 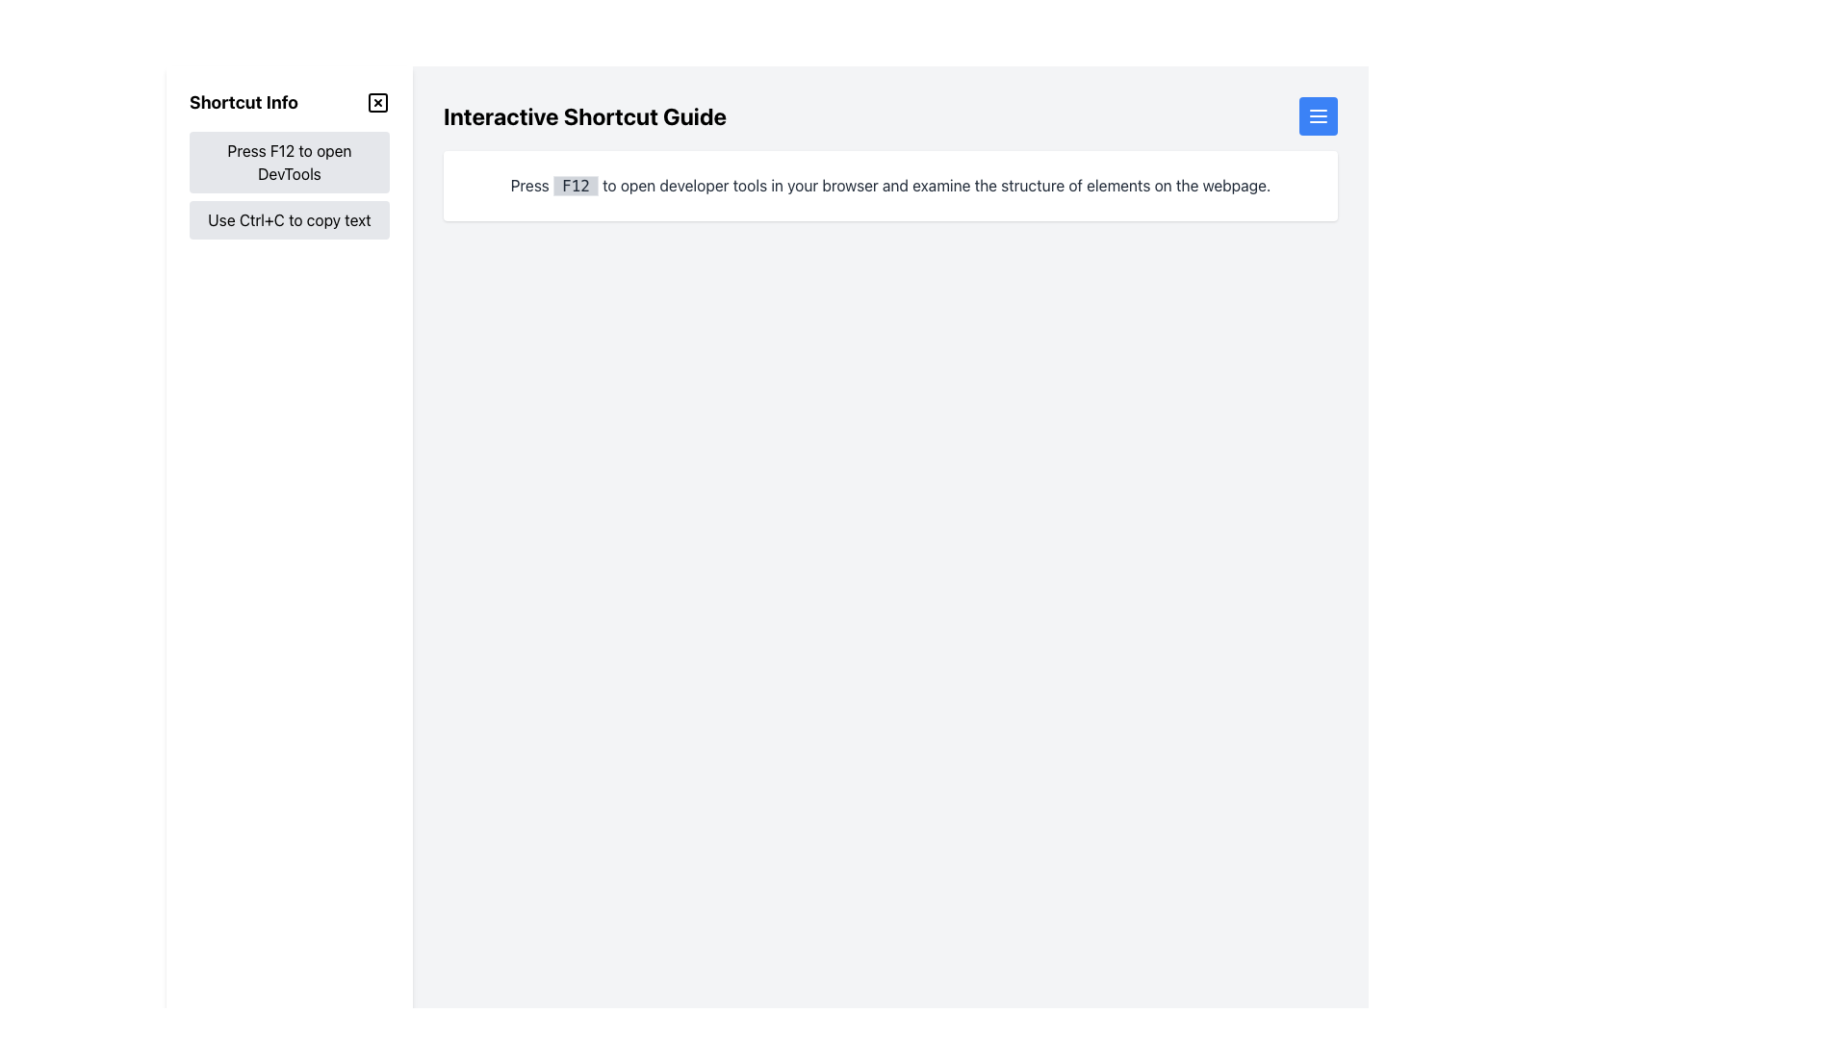 I want to click on the close button located at the top-right corner of the 'Shortcut Info' section to observe any hover effects, so click(x=378, y=103).